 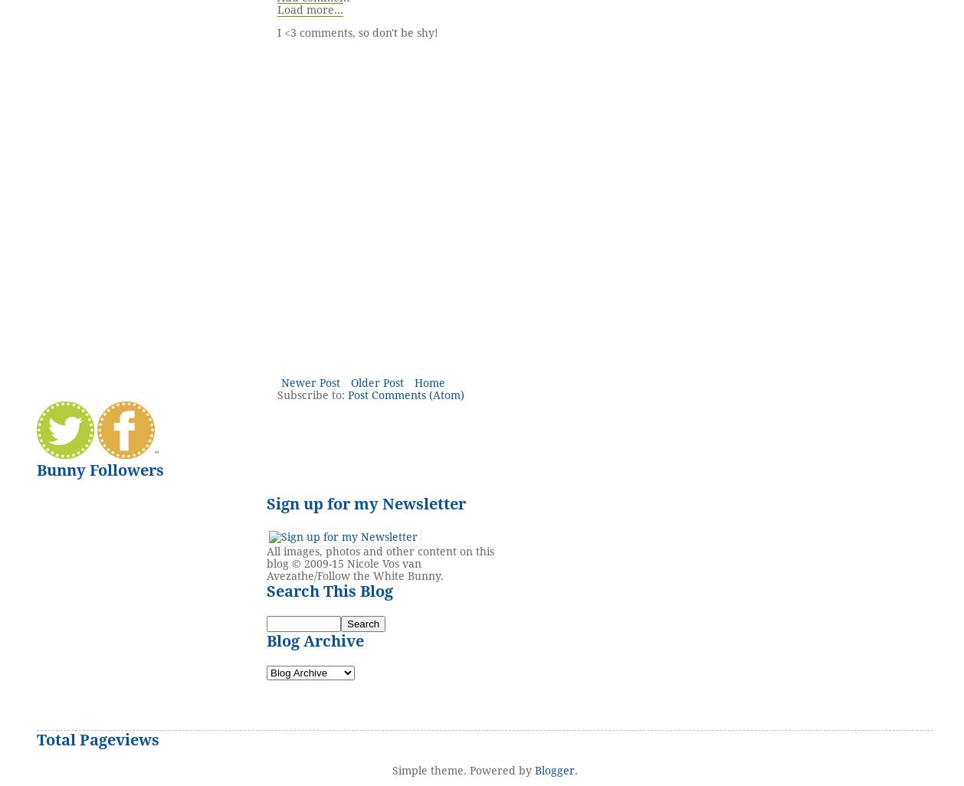 I want to click on 'Blogger', so click(x=554, y=769).